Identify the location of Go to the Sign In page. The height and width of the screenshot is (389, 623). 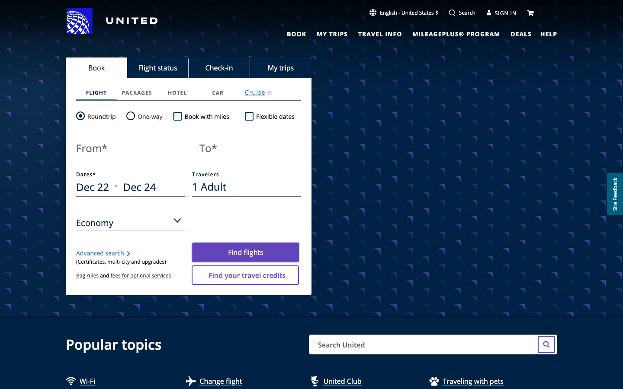
(501, 12).